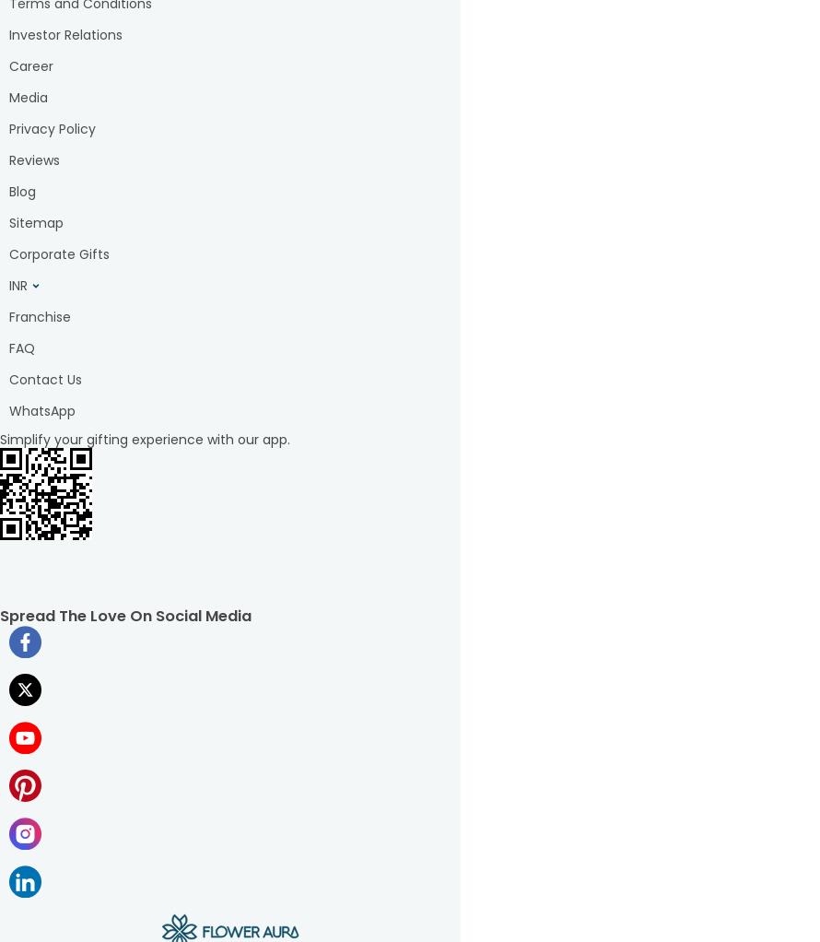 Image resolution: width=820 pixels, height=942 pixels. What do you see at coordinates (229, 840) in the screenshot?
I see `'and gift baskets to suit your needs. Order now and experience the joy of FlowerAura!'` at bounding box center [229, 840].